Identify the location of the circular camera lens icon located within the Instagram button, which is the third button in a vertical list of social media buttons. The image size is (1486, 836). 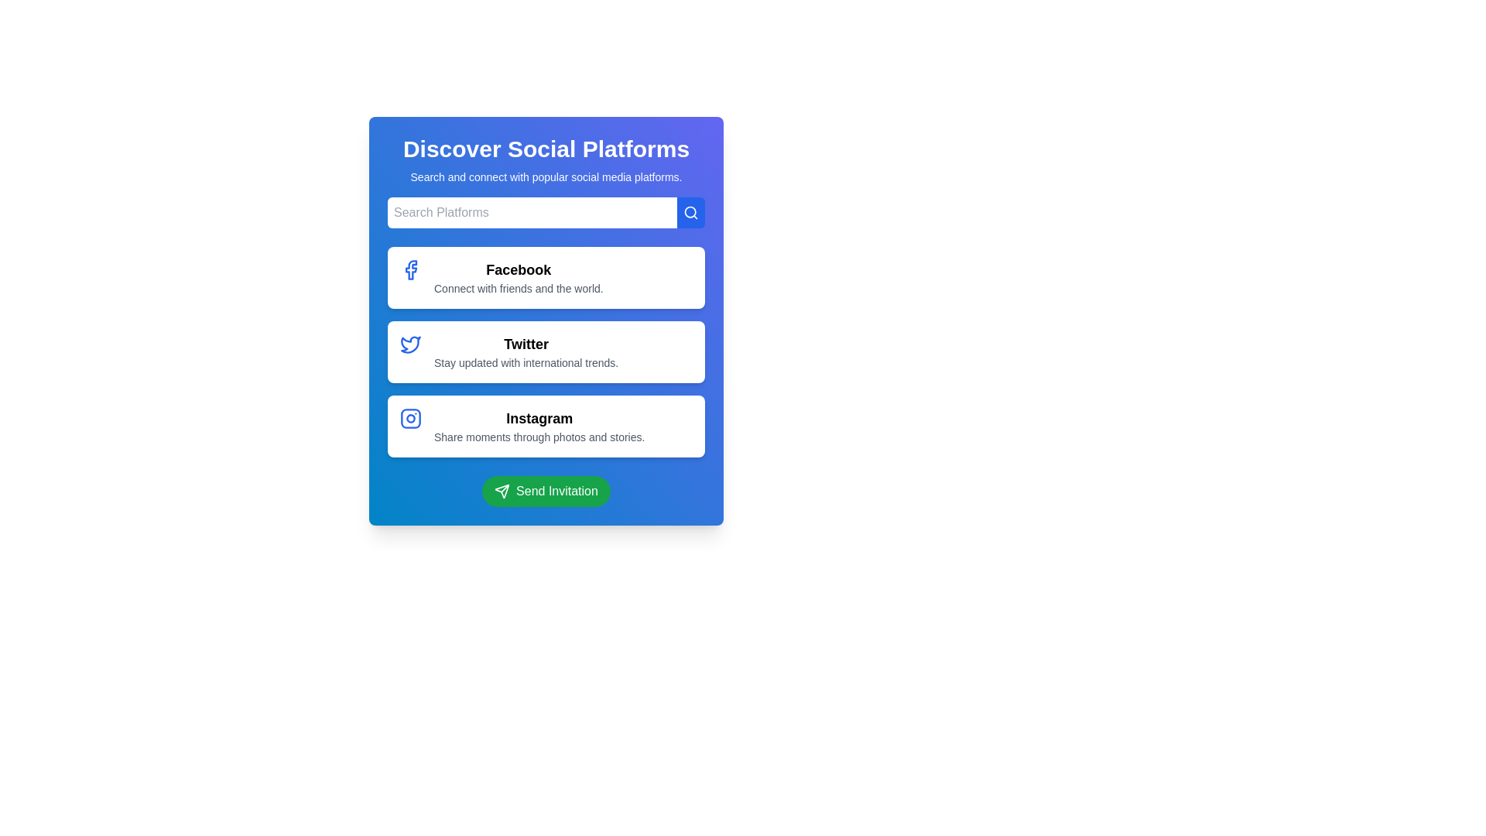
(411, 418).